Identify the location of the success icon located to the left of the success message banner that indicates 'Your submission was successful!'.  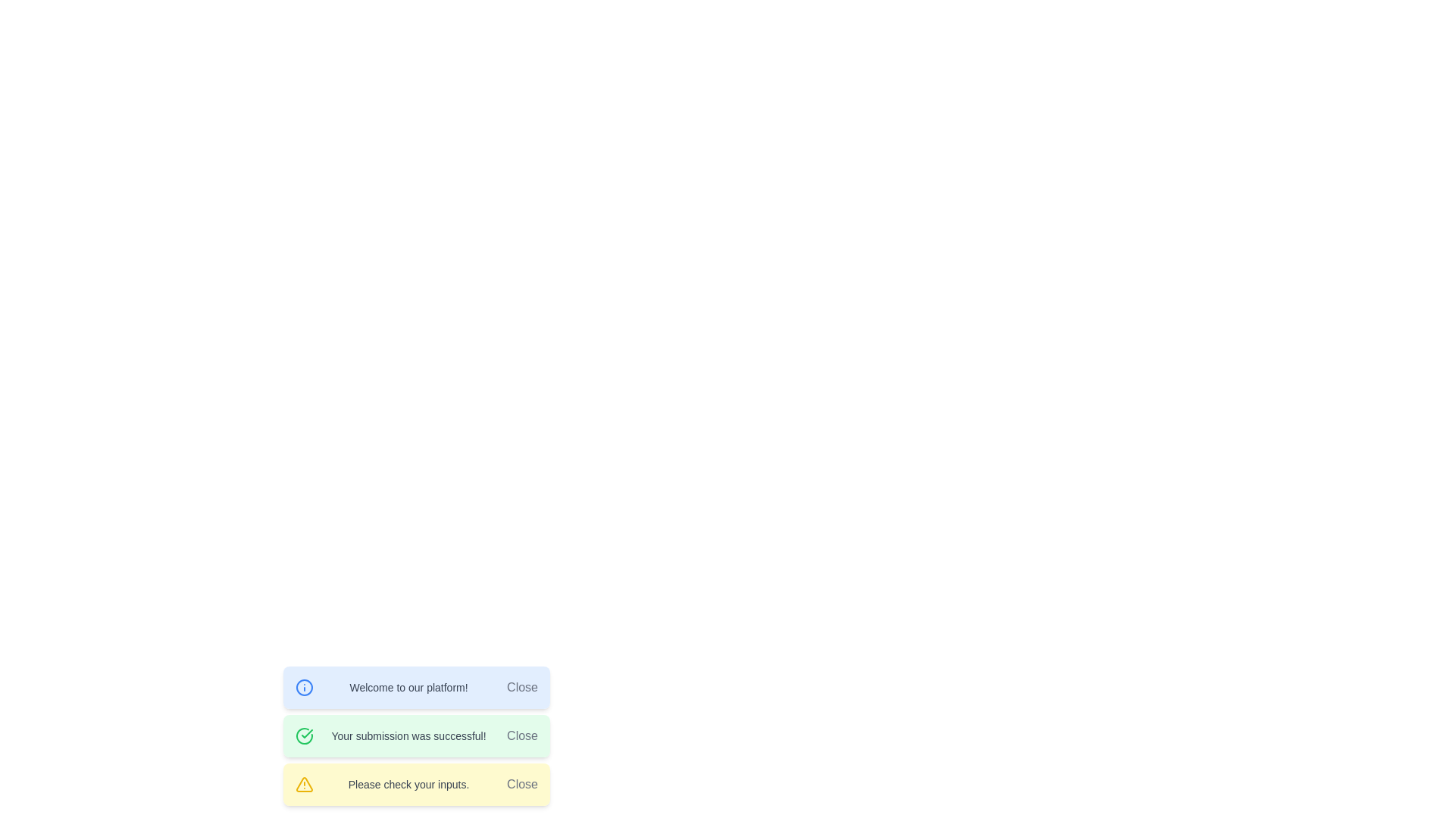
(304, 735).